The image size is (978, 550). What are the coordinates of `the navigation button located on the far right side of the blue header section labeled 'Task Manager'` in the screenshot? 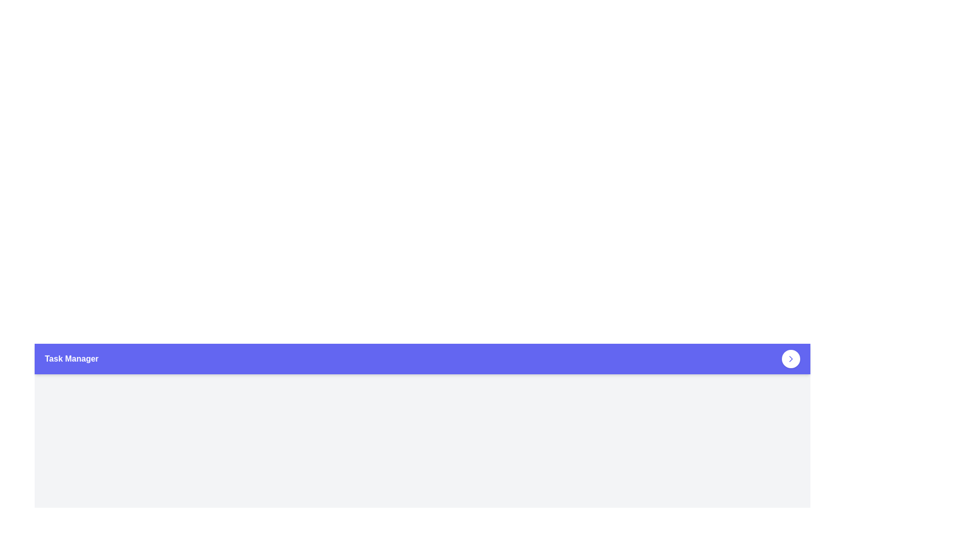 It's located at (791, 359).